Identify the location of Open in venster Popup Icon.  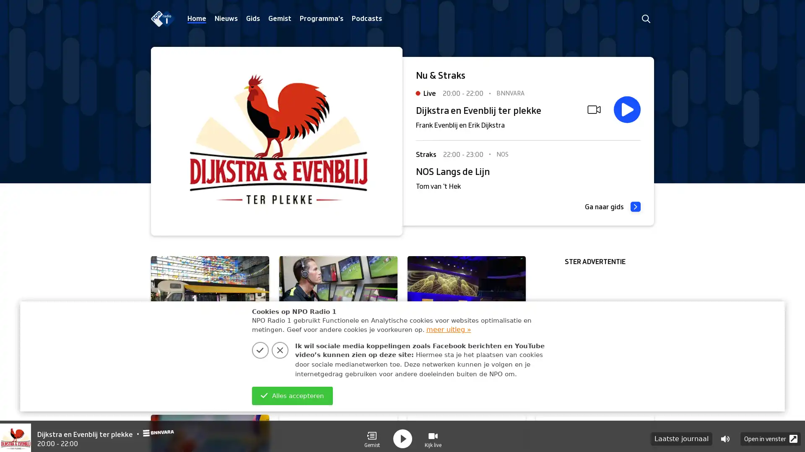
(771, 434).